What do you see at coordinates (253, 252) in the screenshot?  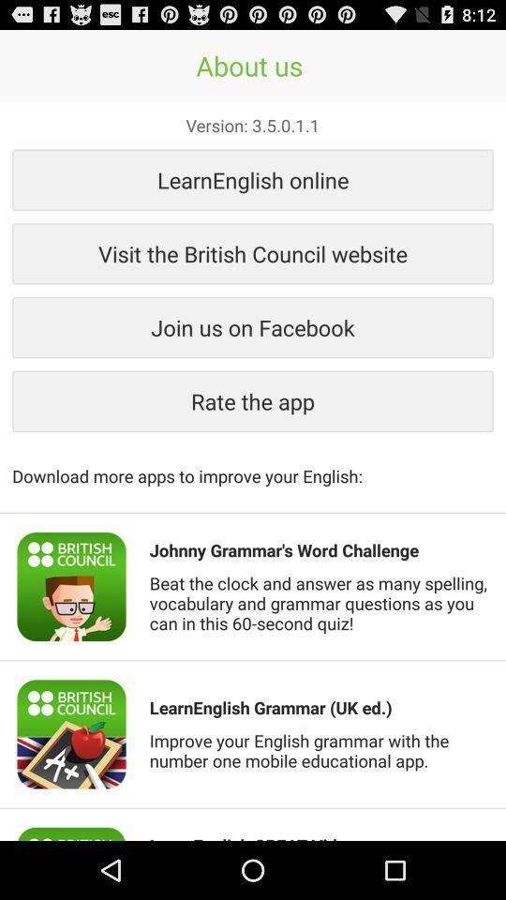 I see `the button below the learnenglish online icon` at bounding box center [253, 252].